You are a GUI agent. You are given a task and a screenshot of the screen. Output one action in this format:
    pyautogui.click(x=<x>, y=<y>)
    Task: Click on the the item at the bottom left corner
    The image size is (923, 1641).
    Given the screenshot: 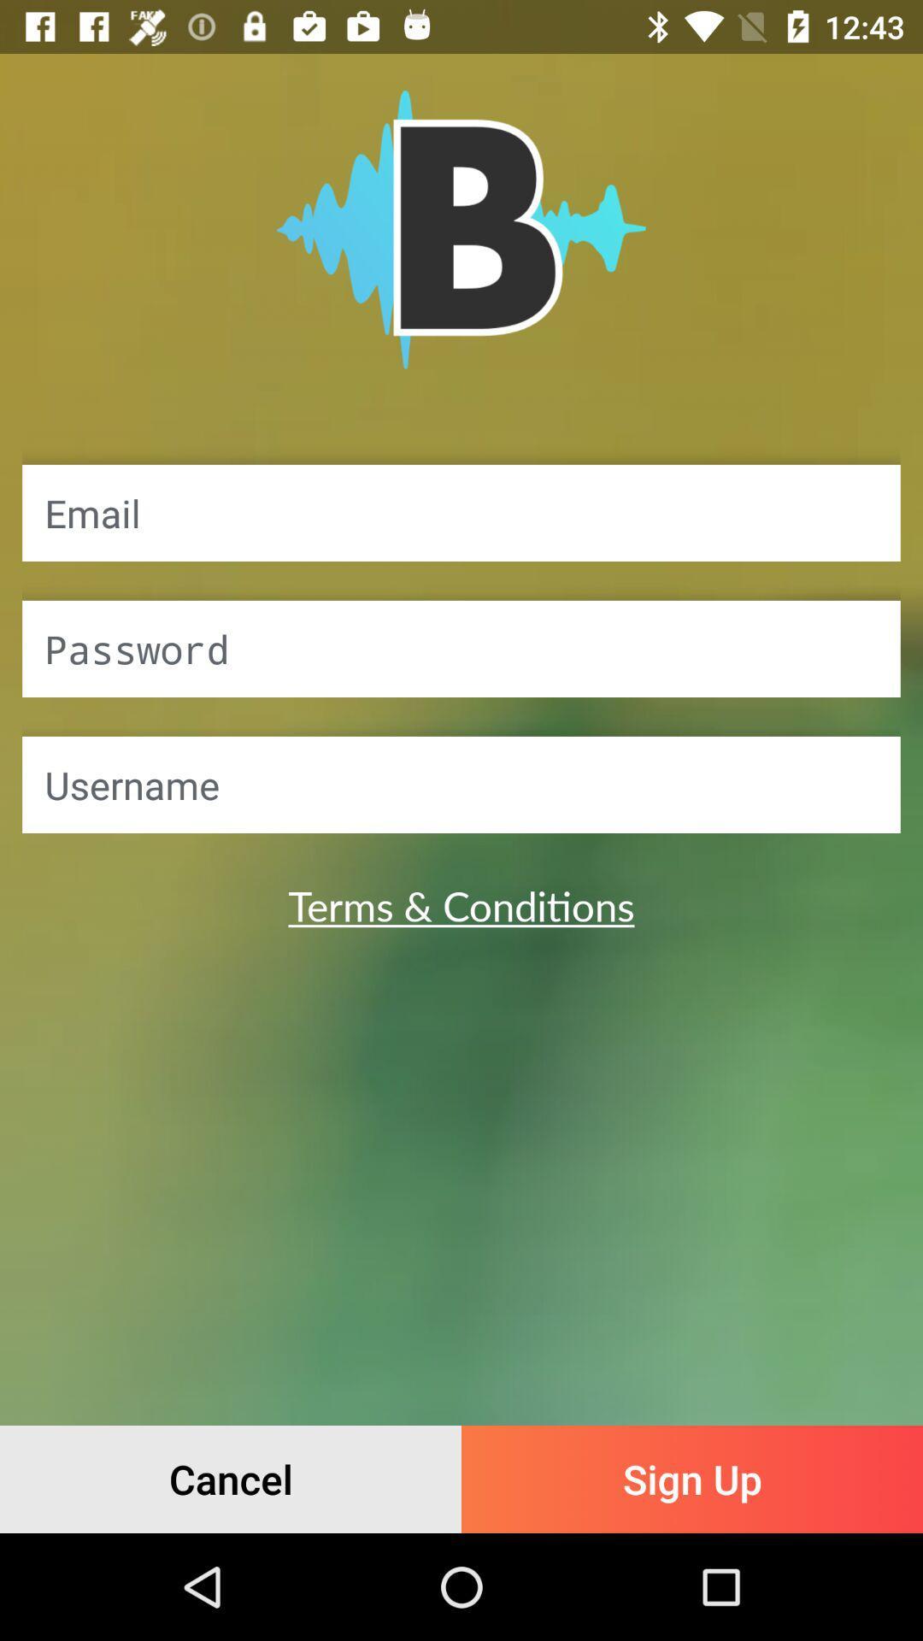 What is the action you would take?
    pyautogui.click(x=231, y=1479)
    